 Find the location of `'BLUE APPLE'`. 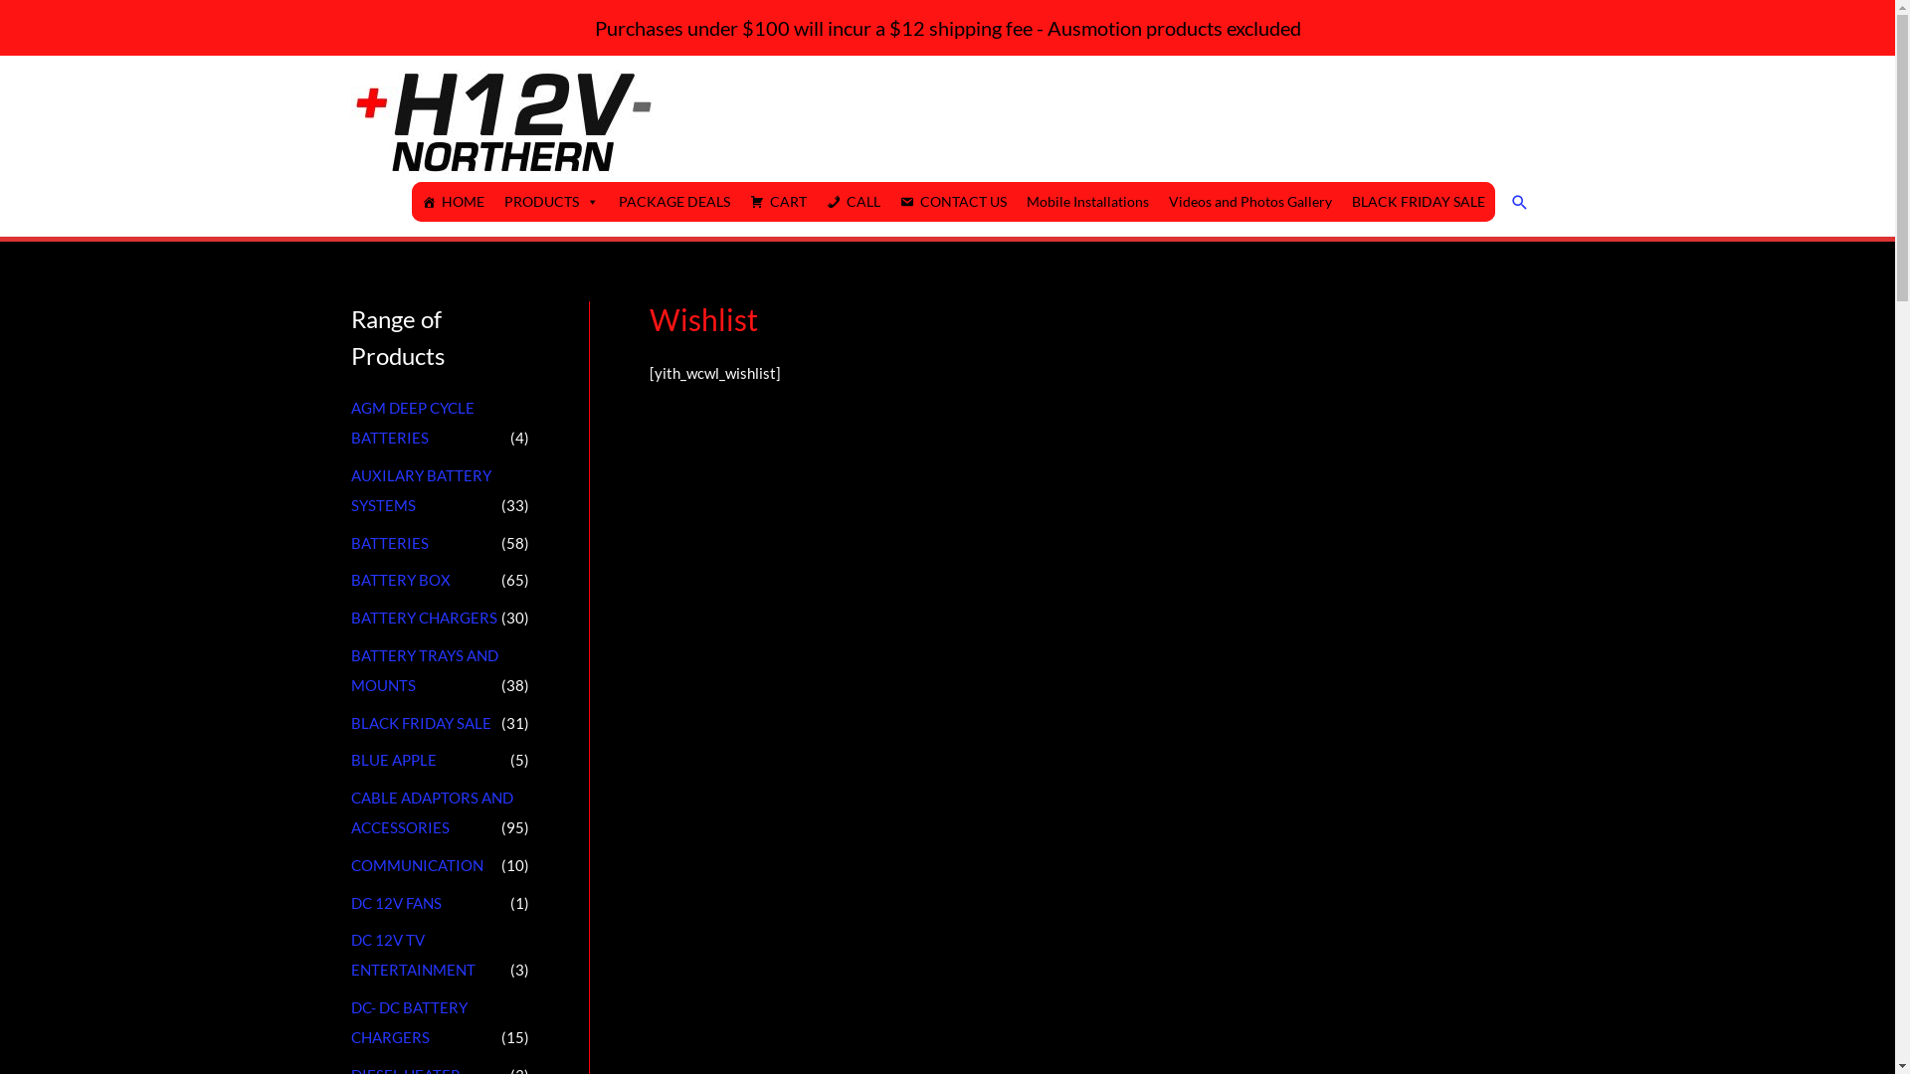

'BLUE APPLE' is located at coordinates (392, 759).